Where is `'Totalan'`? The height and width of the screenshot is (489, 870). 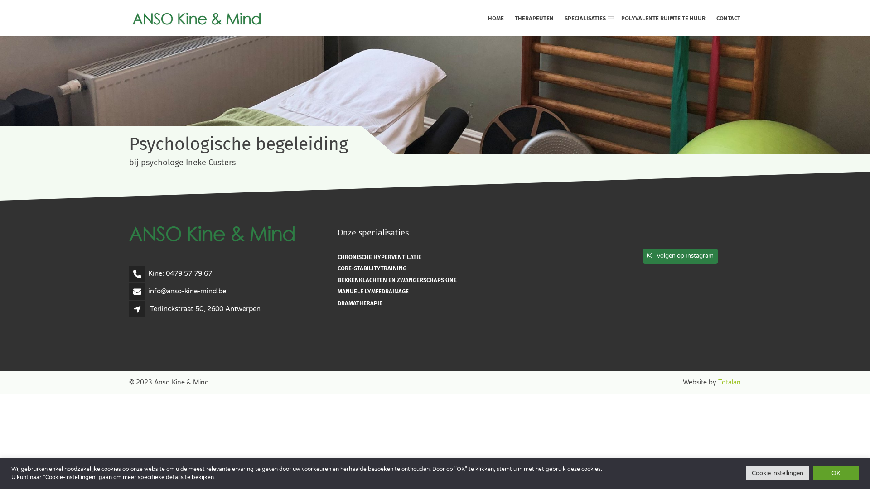 'Totalan' is located at coordinates (717, 382).